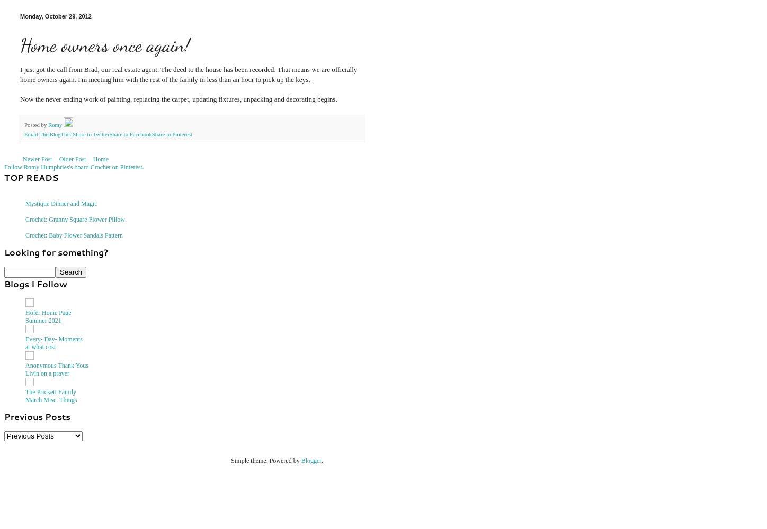 The width and height of the screenshot is (767, 529). I want to click on 'Blogs I Follow', so click(4, 283).